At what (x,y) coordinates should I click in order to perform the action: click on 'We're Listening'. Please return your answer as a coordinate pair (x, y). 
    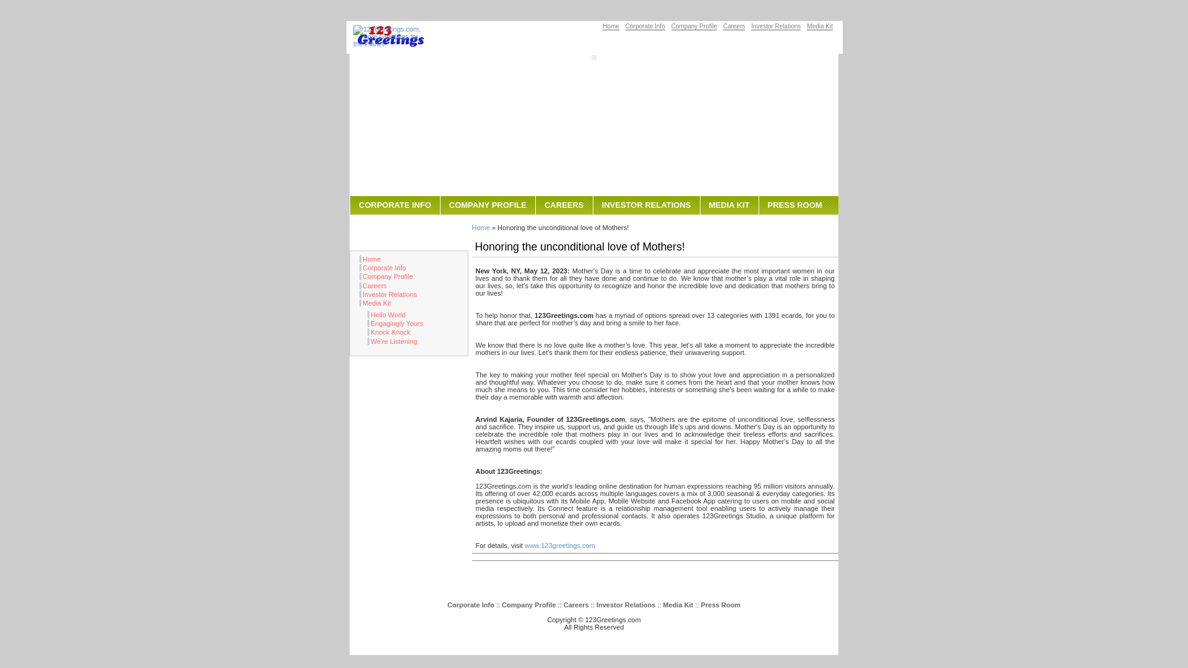
    Looking at the image, I should click on (391, 341).